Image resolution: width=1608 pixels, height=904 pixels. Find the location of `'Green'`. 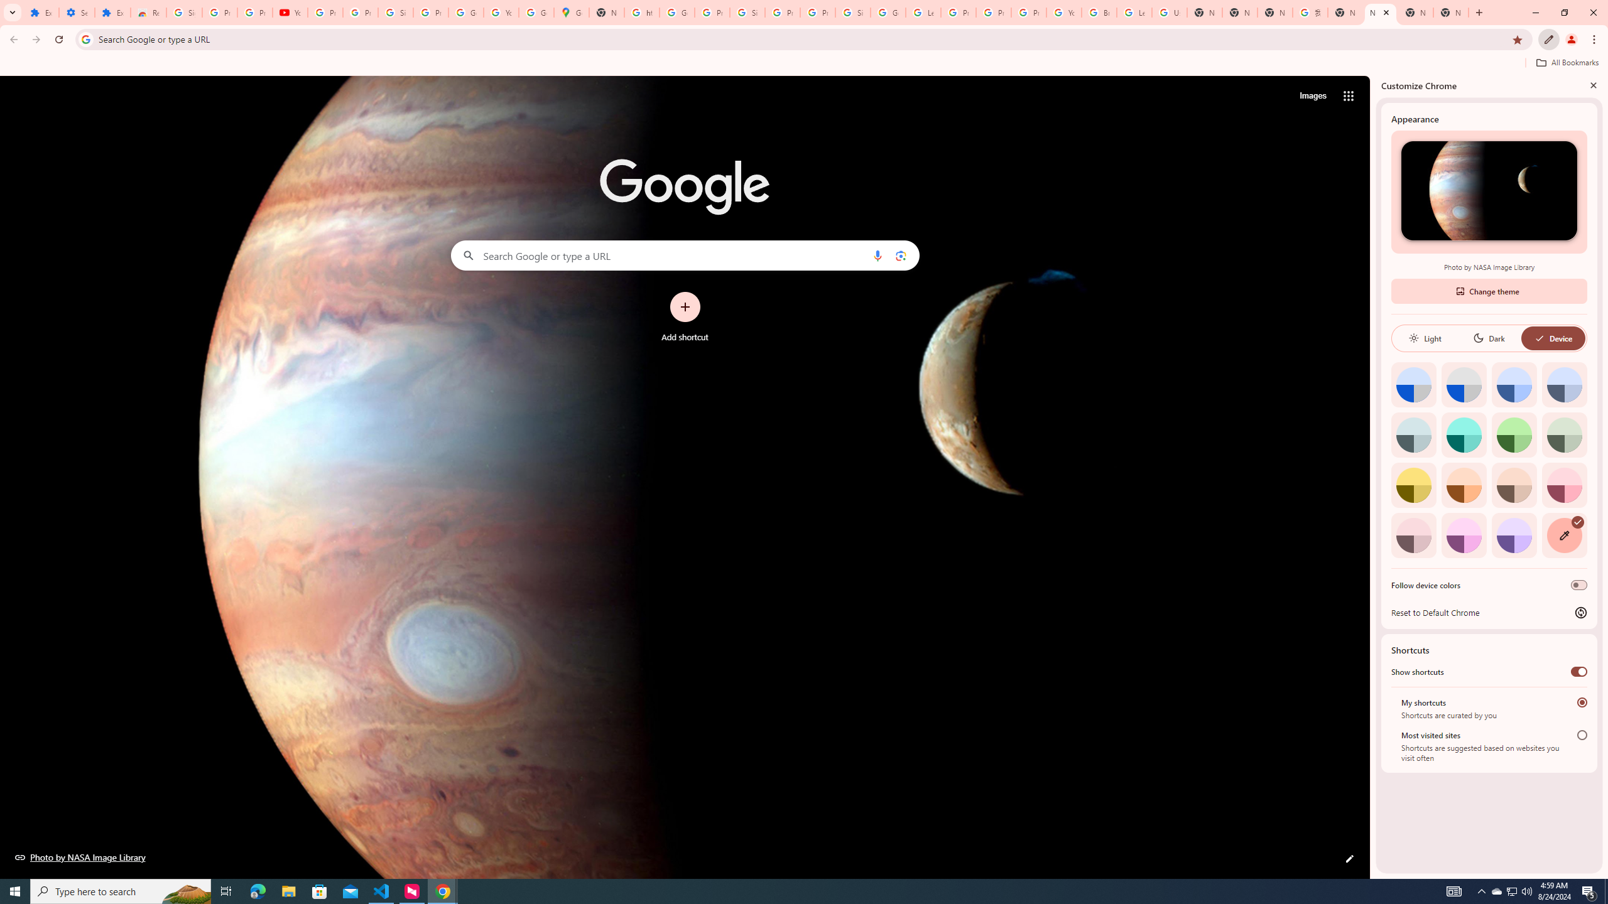

'Green' is located at coordinates (1514, 434).